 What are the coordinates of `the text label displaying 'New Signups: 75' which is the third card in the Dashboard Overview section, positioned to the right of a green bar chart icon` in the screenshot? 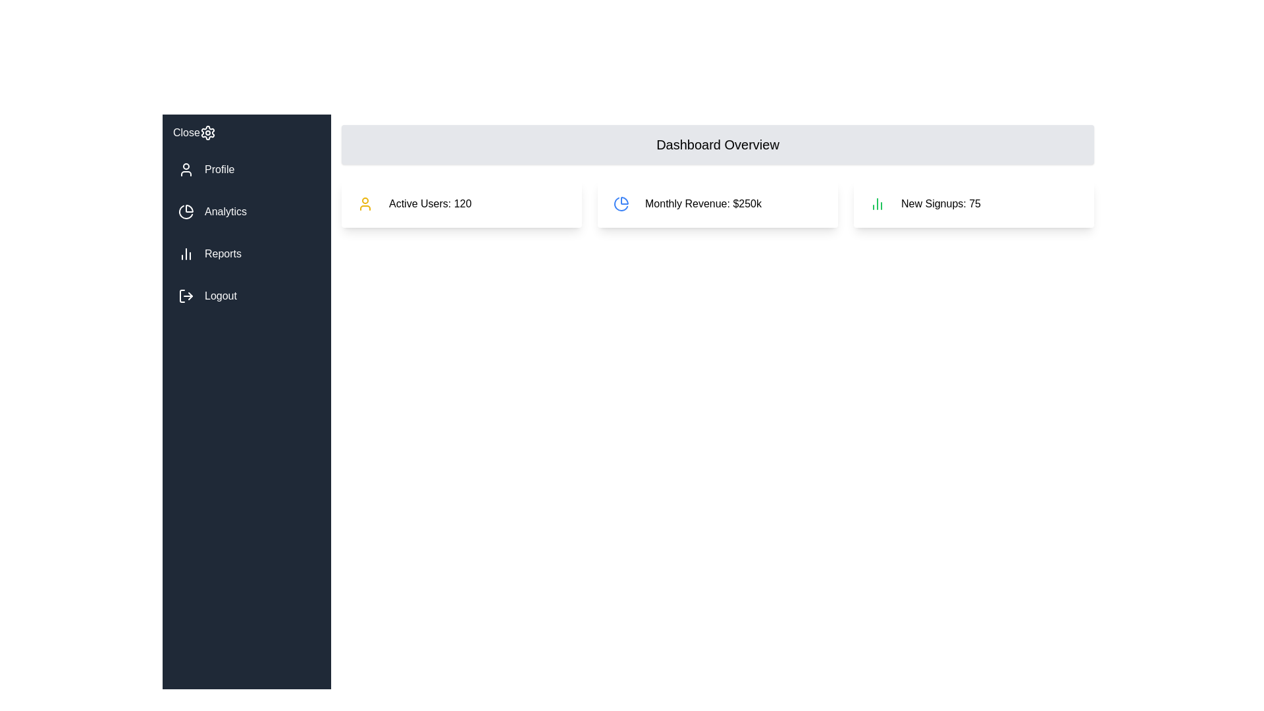 It's located at (940, 203).